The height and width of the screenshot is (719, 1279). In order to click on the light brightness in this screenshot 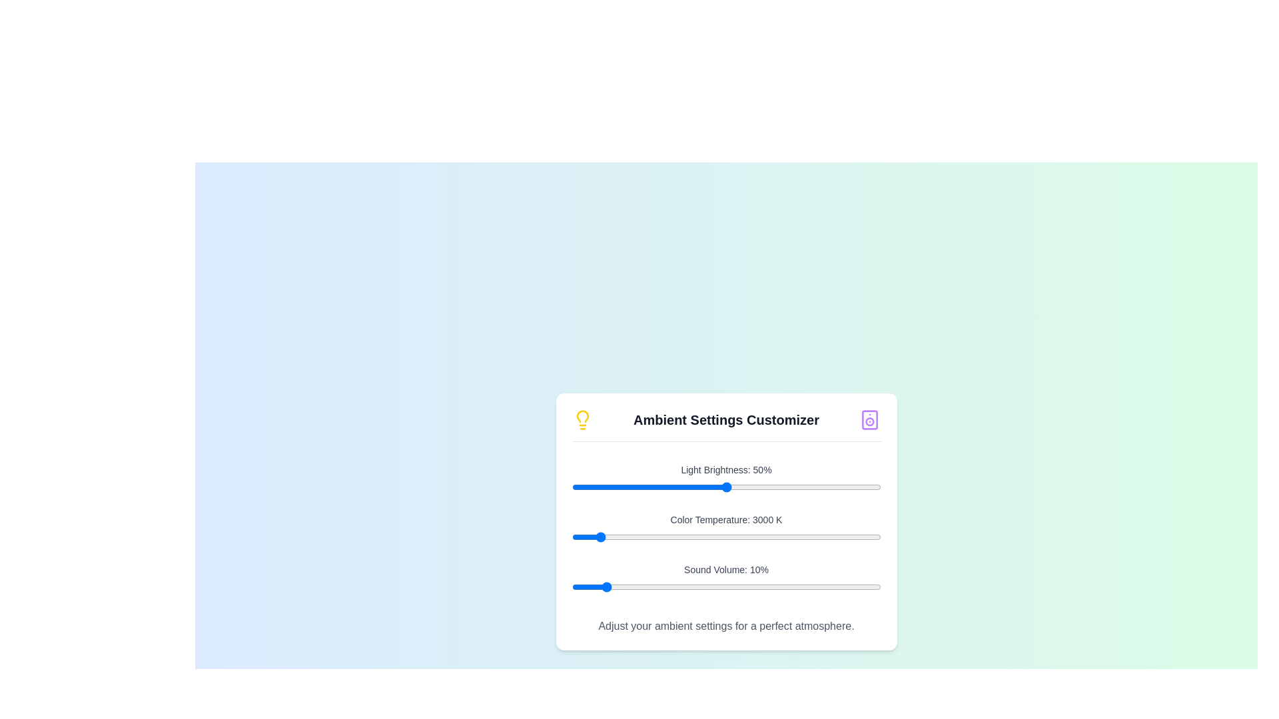, I will do `click(741, 487)`.